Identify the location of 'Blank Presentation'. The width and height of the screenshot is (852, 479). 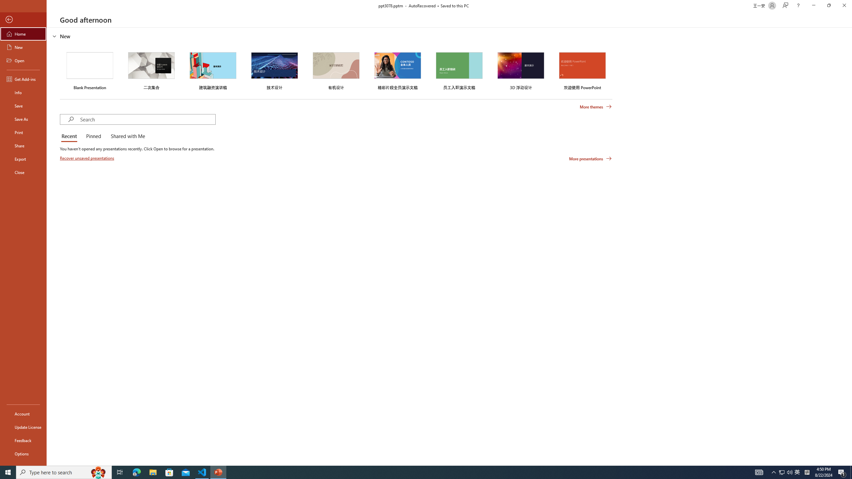
(90, 70).